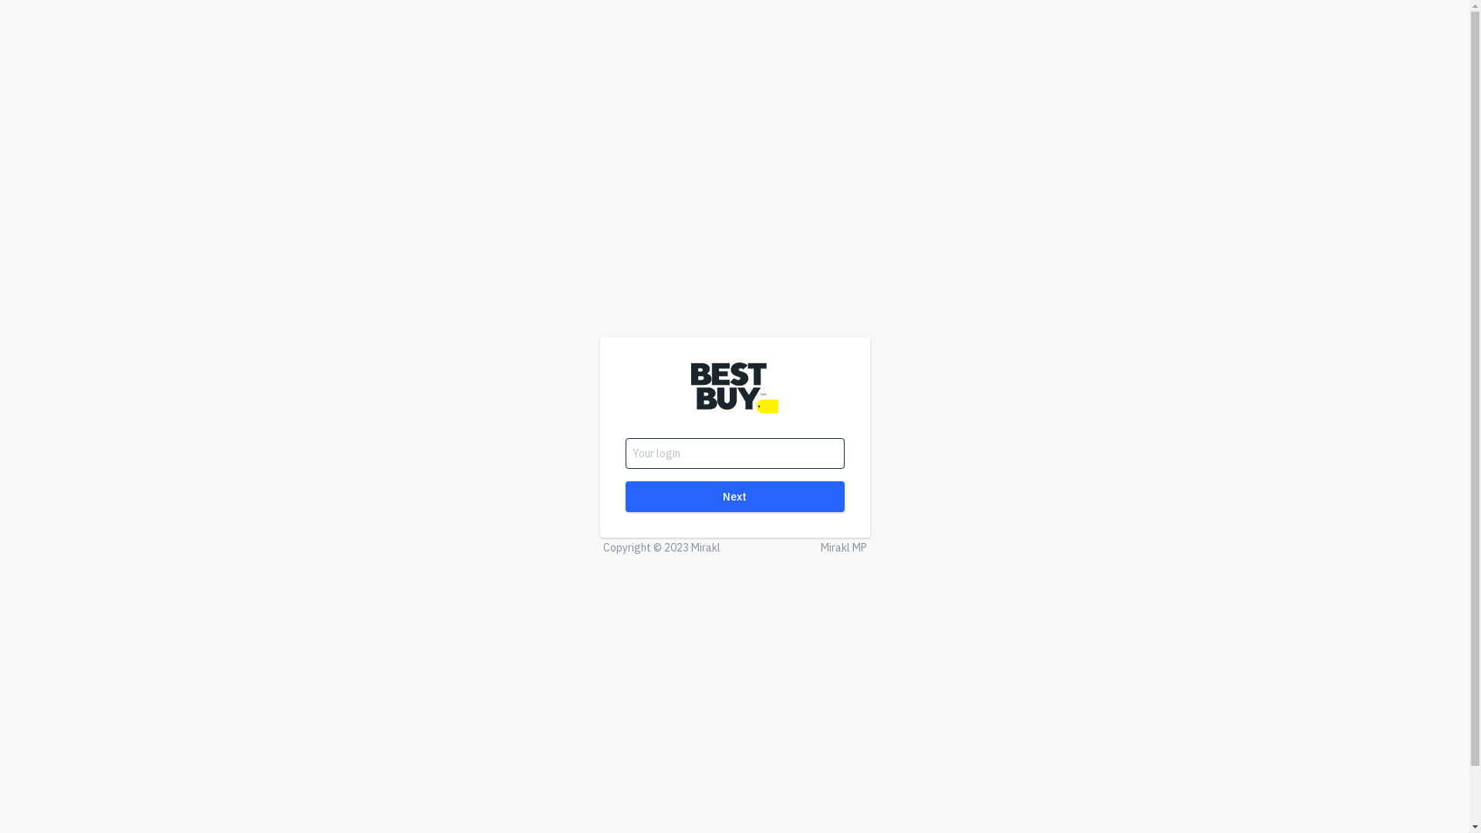 This screenshot has width=1481, height=833. I want to click on 'Next', so click(733, 497).